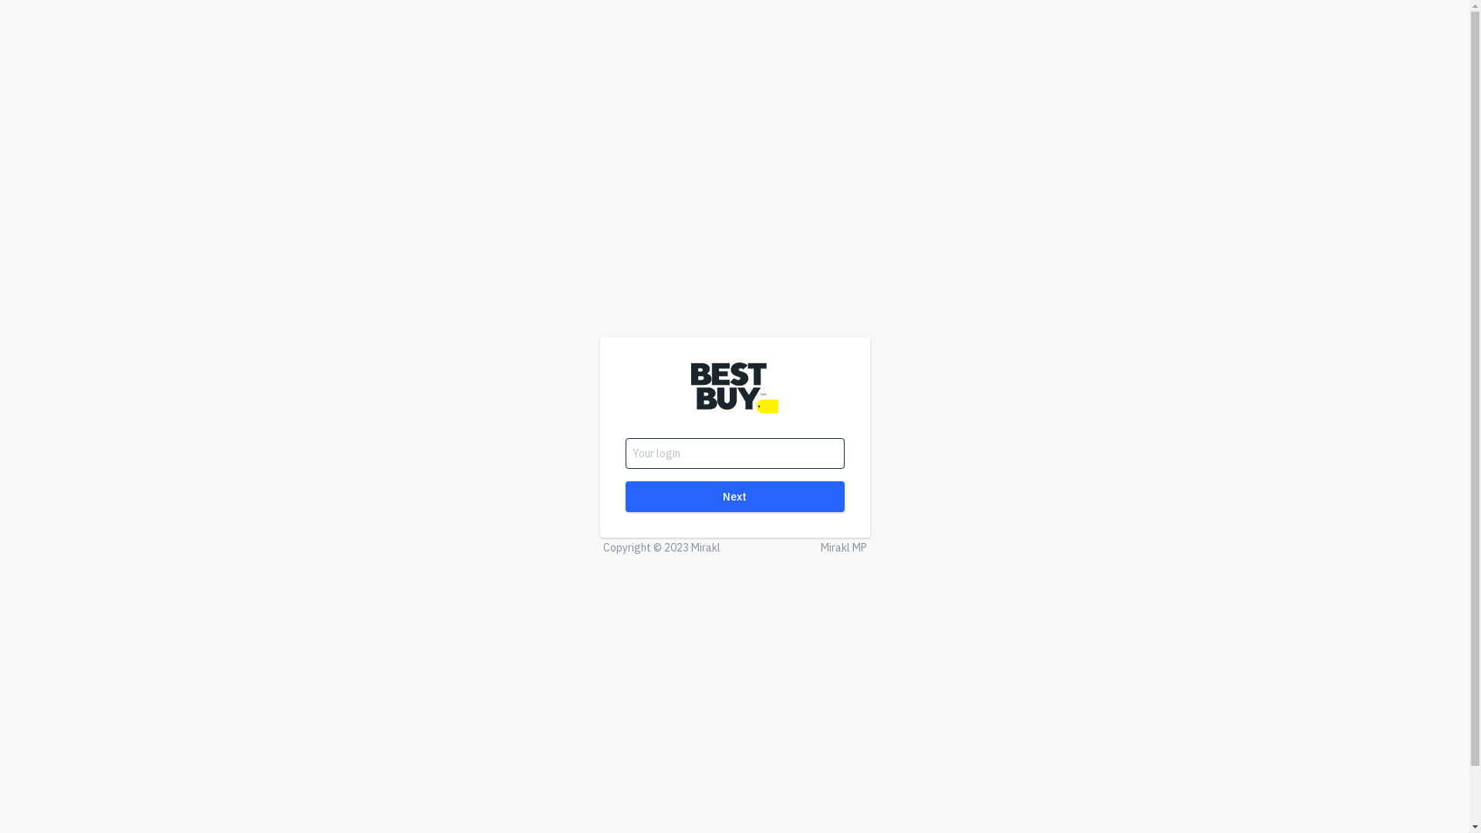 This screenshot has width=1481, height=833. I want to click on 'Next', so click(733, 497).